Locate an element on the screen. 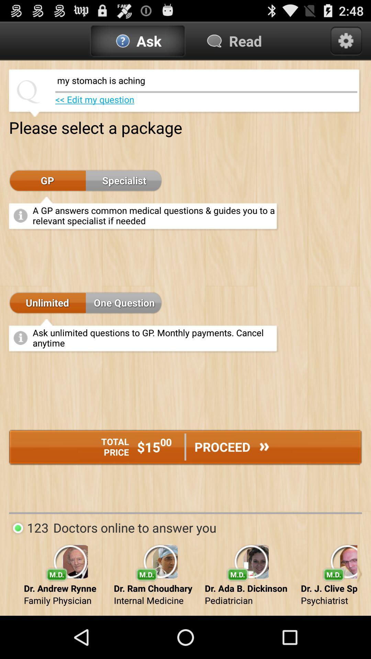  icon above my stomach is is located at coordinates (346, 41).